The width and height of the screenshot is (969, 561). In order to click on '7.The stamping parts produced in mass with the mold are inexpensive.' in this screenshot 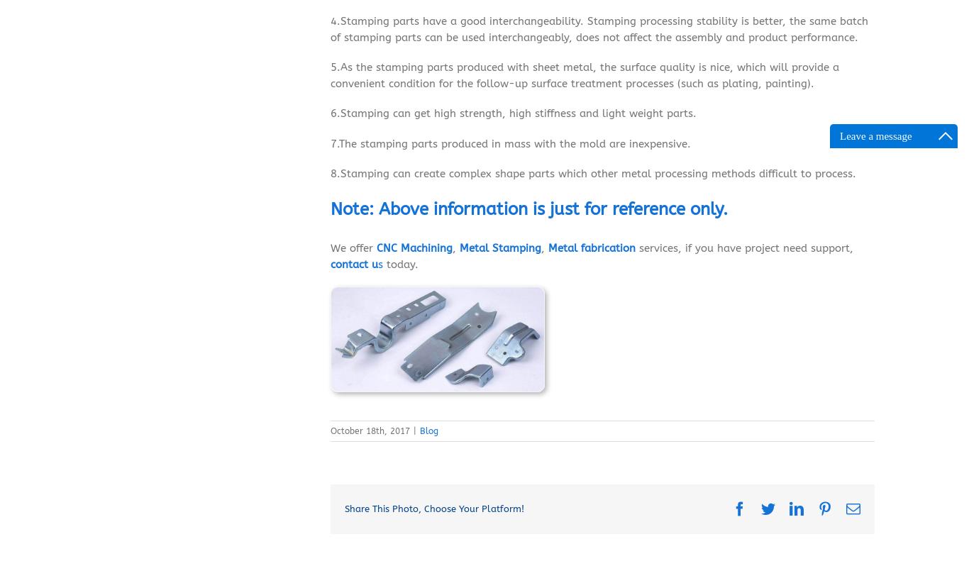, I will do `click(511, 145)`.